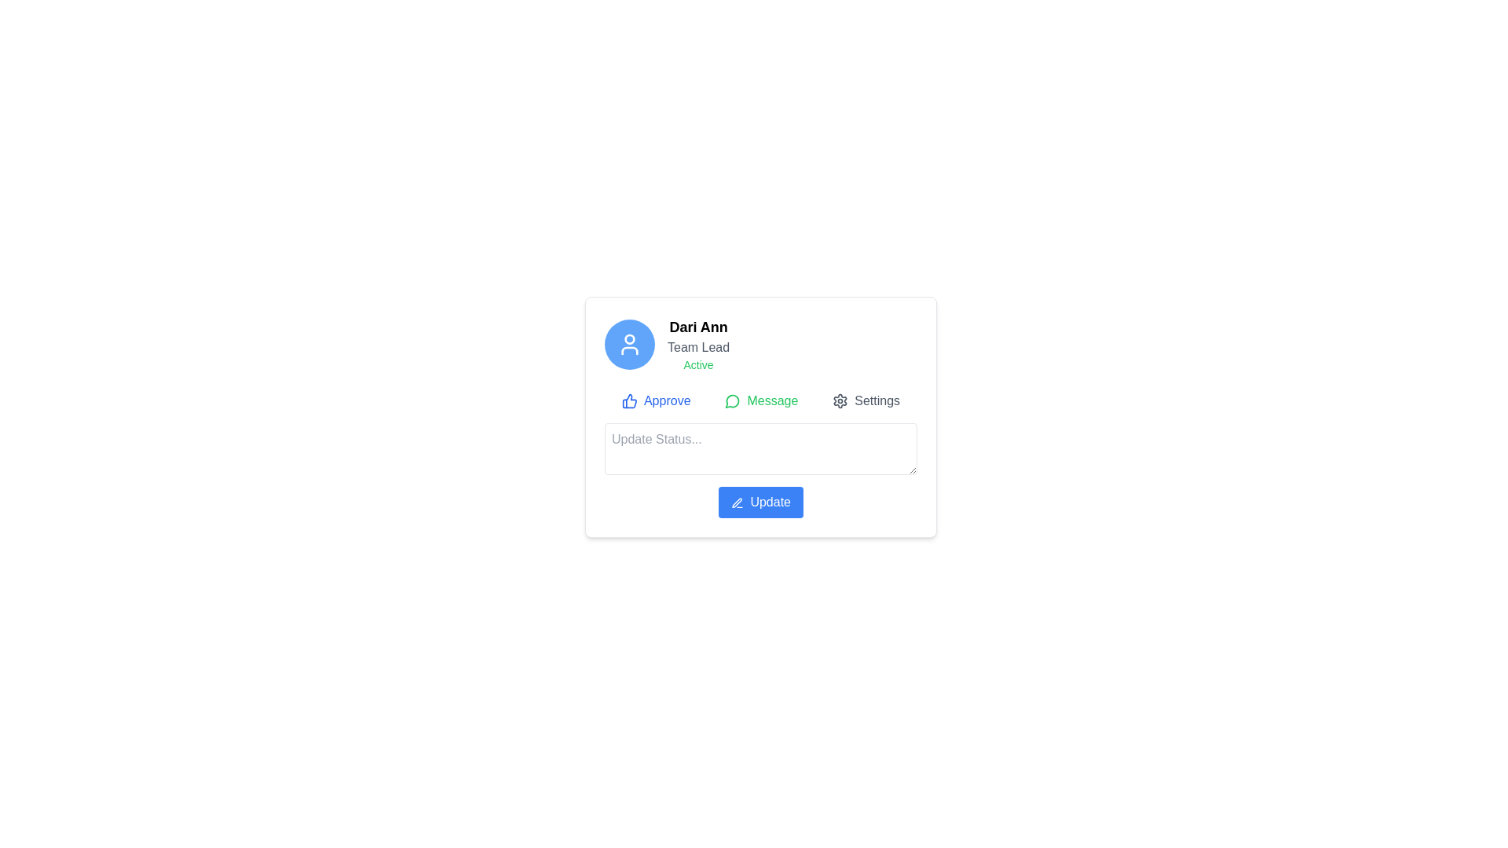 Image resolution: width=1508 pixels, height=848 pixels. What do you see at coordinates (840, 400) in the screenshot?
I see `the 'Settings' icon located in the top-right section of the card interface` at bounding box center [840, 400].